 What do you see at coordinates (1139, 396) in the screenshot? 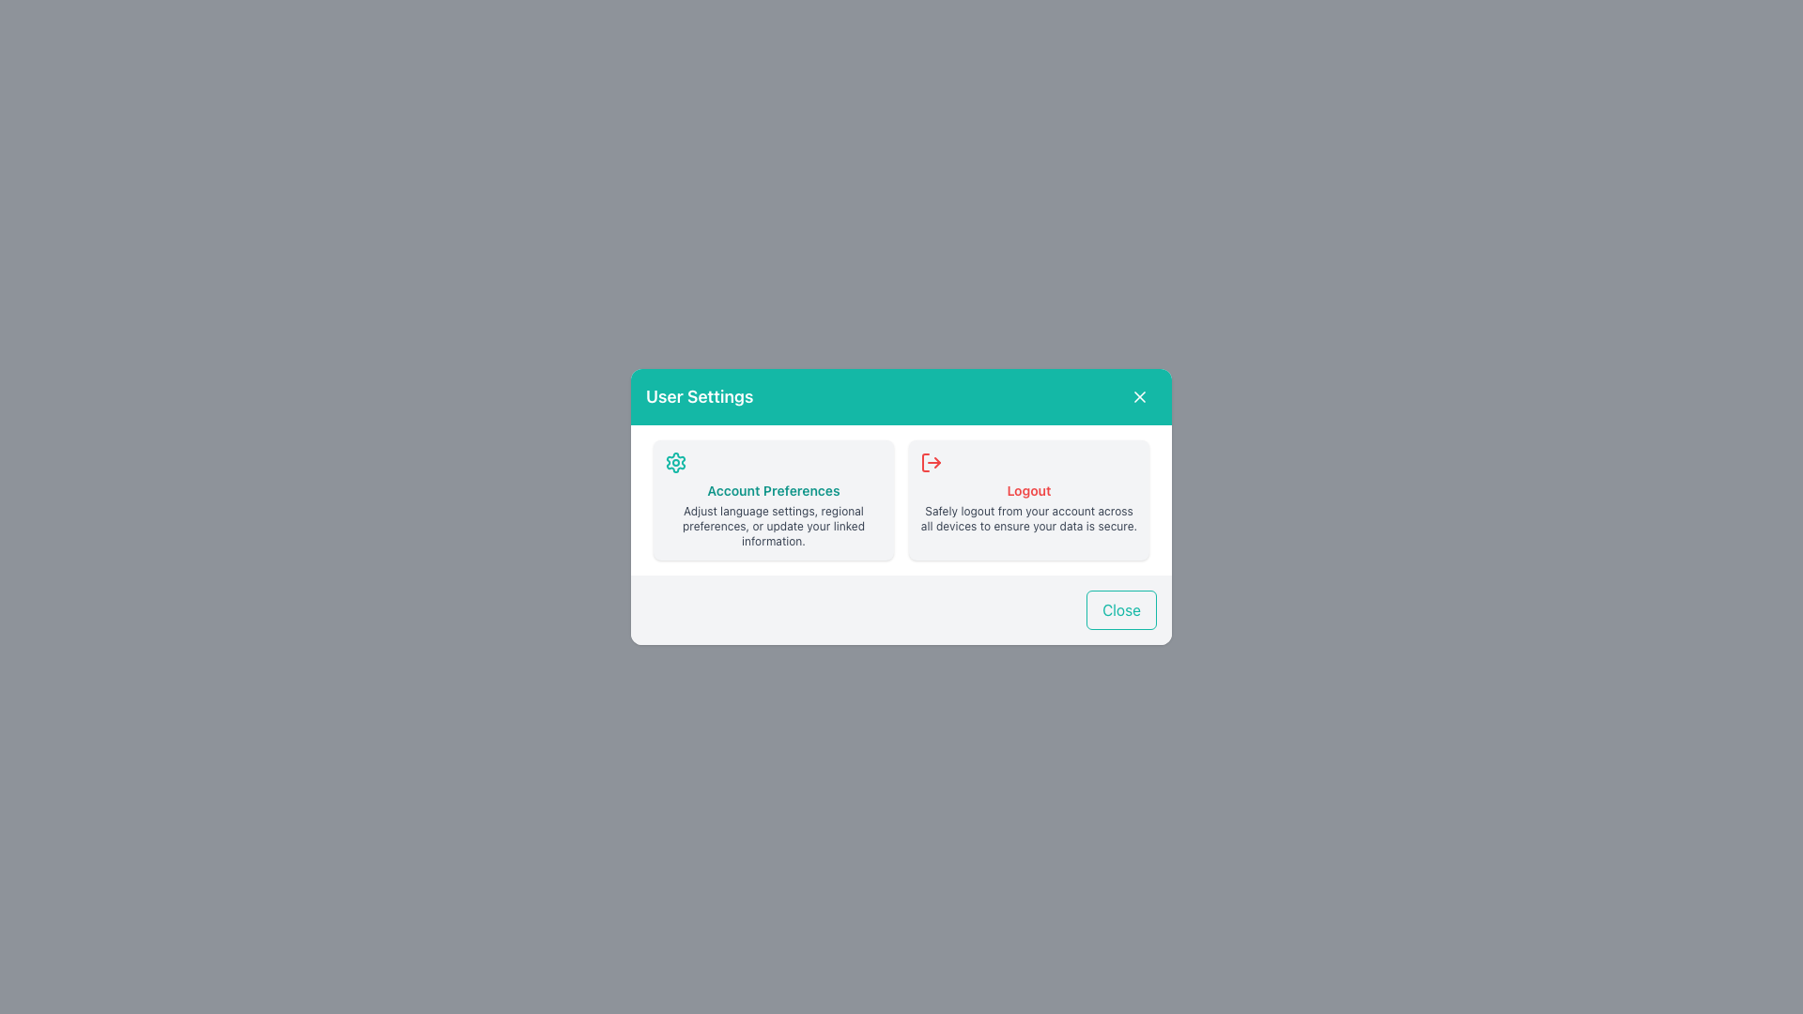
I see `the close icon located at the top-right corner of the 'User Settings' modal dialog` at bounding box center [1139, 396].